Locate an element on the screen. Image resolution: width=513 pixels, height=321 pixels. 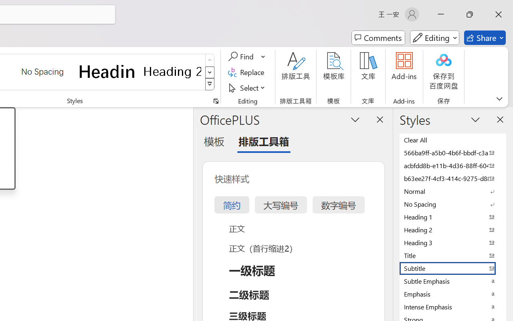
'Intense Emphasis' is located at coordinates (453, 307).